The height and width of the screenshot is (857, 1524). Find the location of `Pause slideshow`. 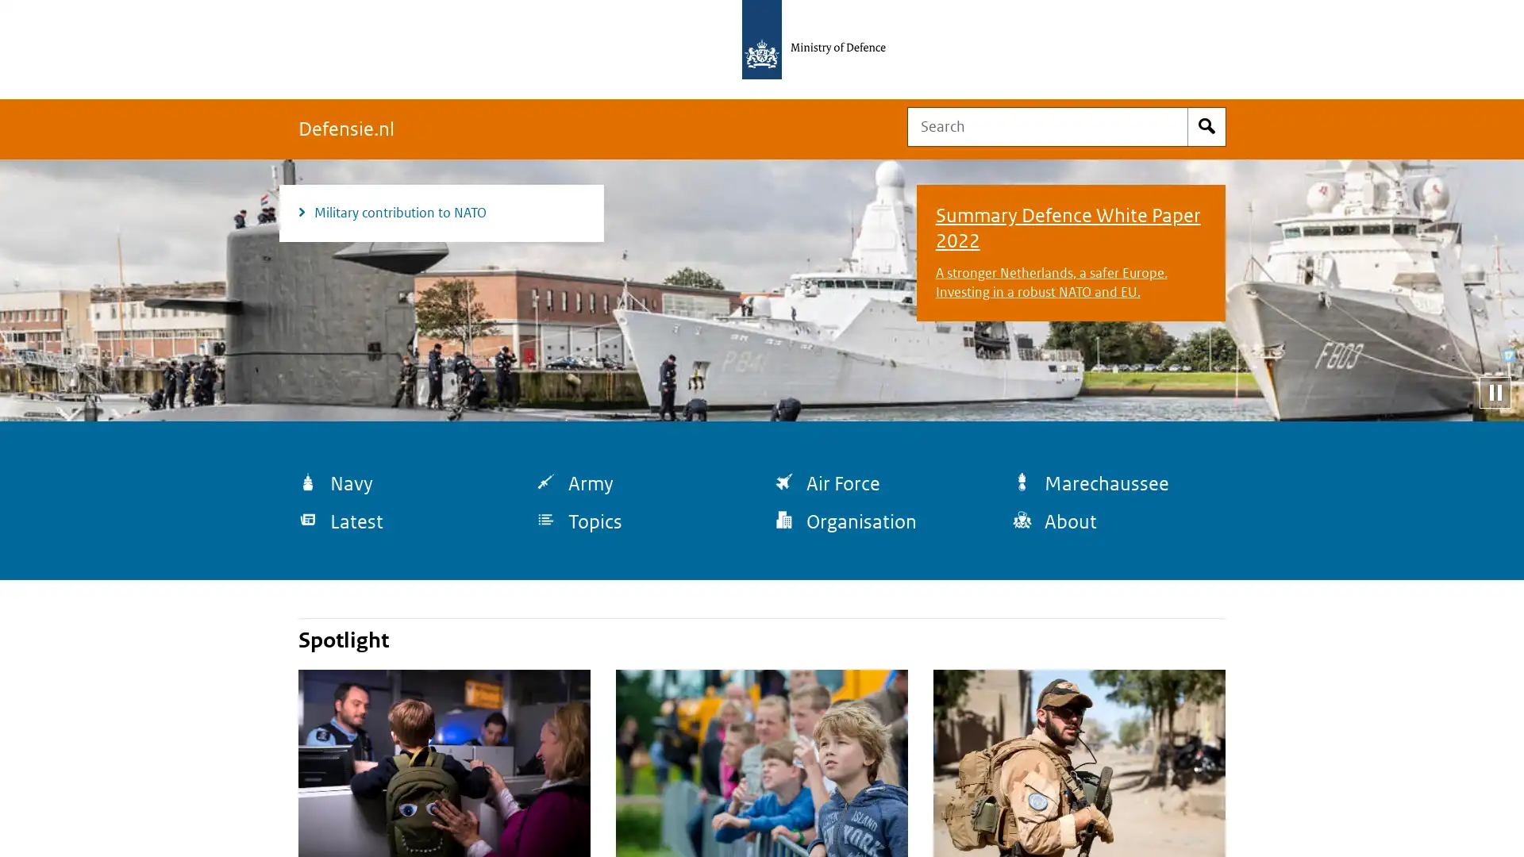

Pause slideshow is located at coordinates (1494, 391).